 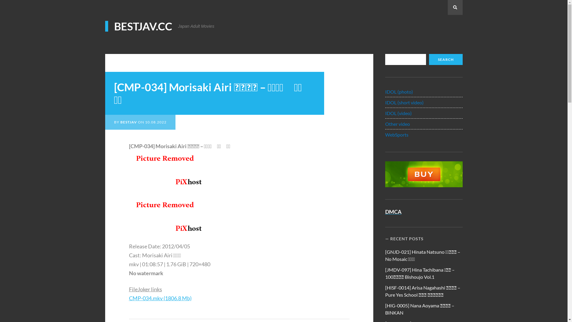 What do you see at coordinates (404, 102) in the screenshot?
I see `'IDOL (short video)'` at bounding box center [404, 102].